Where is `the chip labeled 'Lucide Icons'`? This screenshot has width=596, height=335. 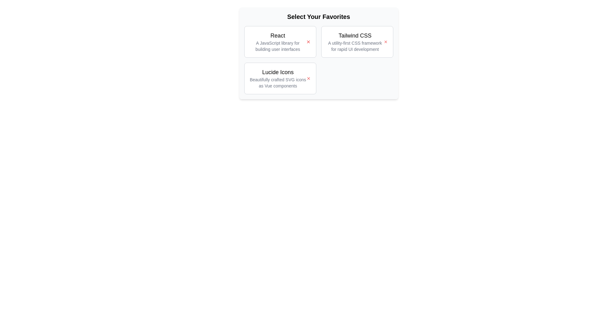
the chip labeled 'Lucide Icons' is located at coordinates (280, 78).